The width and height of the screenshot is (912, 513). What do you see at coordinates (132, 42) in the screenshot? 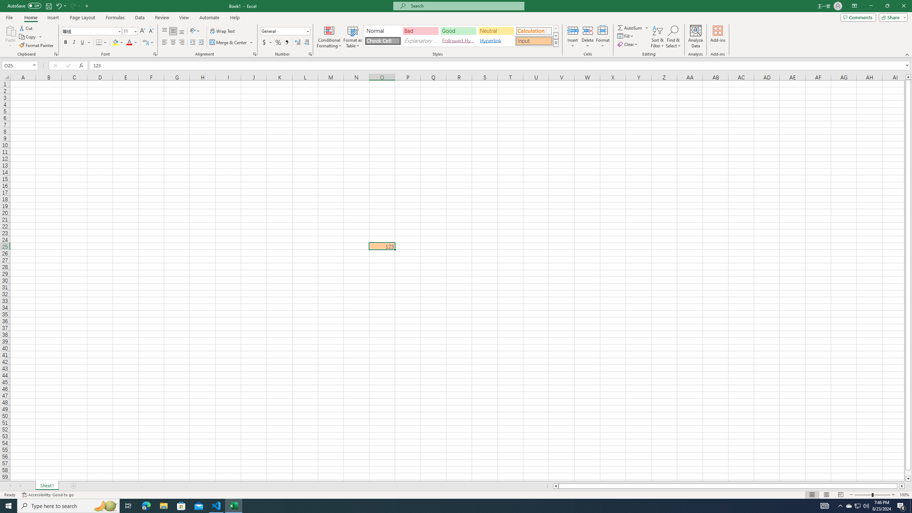
I see `'Font Color'` at bounding box center [132, 42].